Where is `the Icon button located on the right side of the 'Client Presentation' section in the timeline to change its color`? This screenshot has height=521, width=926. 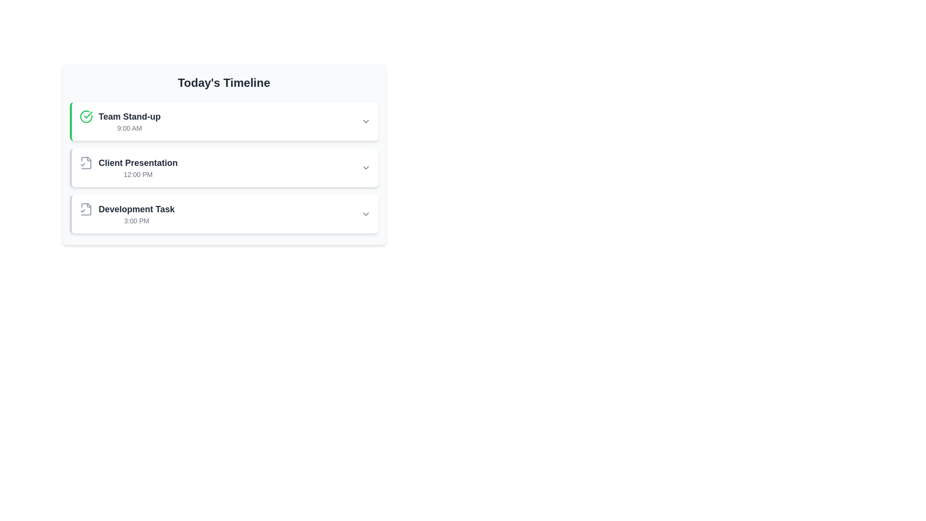
the Icon button located on the right side of the 'Client Presentation' section in the timeline to change its color is located at coordinates (365, 167).